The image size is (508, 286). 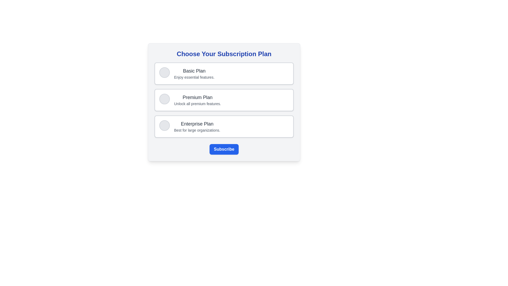 I want to click on the header label for the 'Basic Plan' option, which distinguishes this plan from others in the 'Choose Your Subscription Plan' dialog, so click(x=194, y=70).